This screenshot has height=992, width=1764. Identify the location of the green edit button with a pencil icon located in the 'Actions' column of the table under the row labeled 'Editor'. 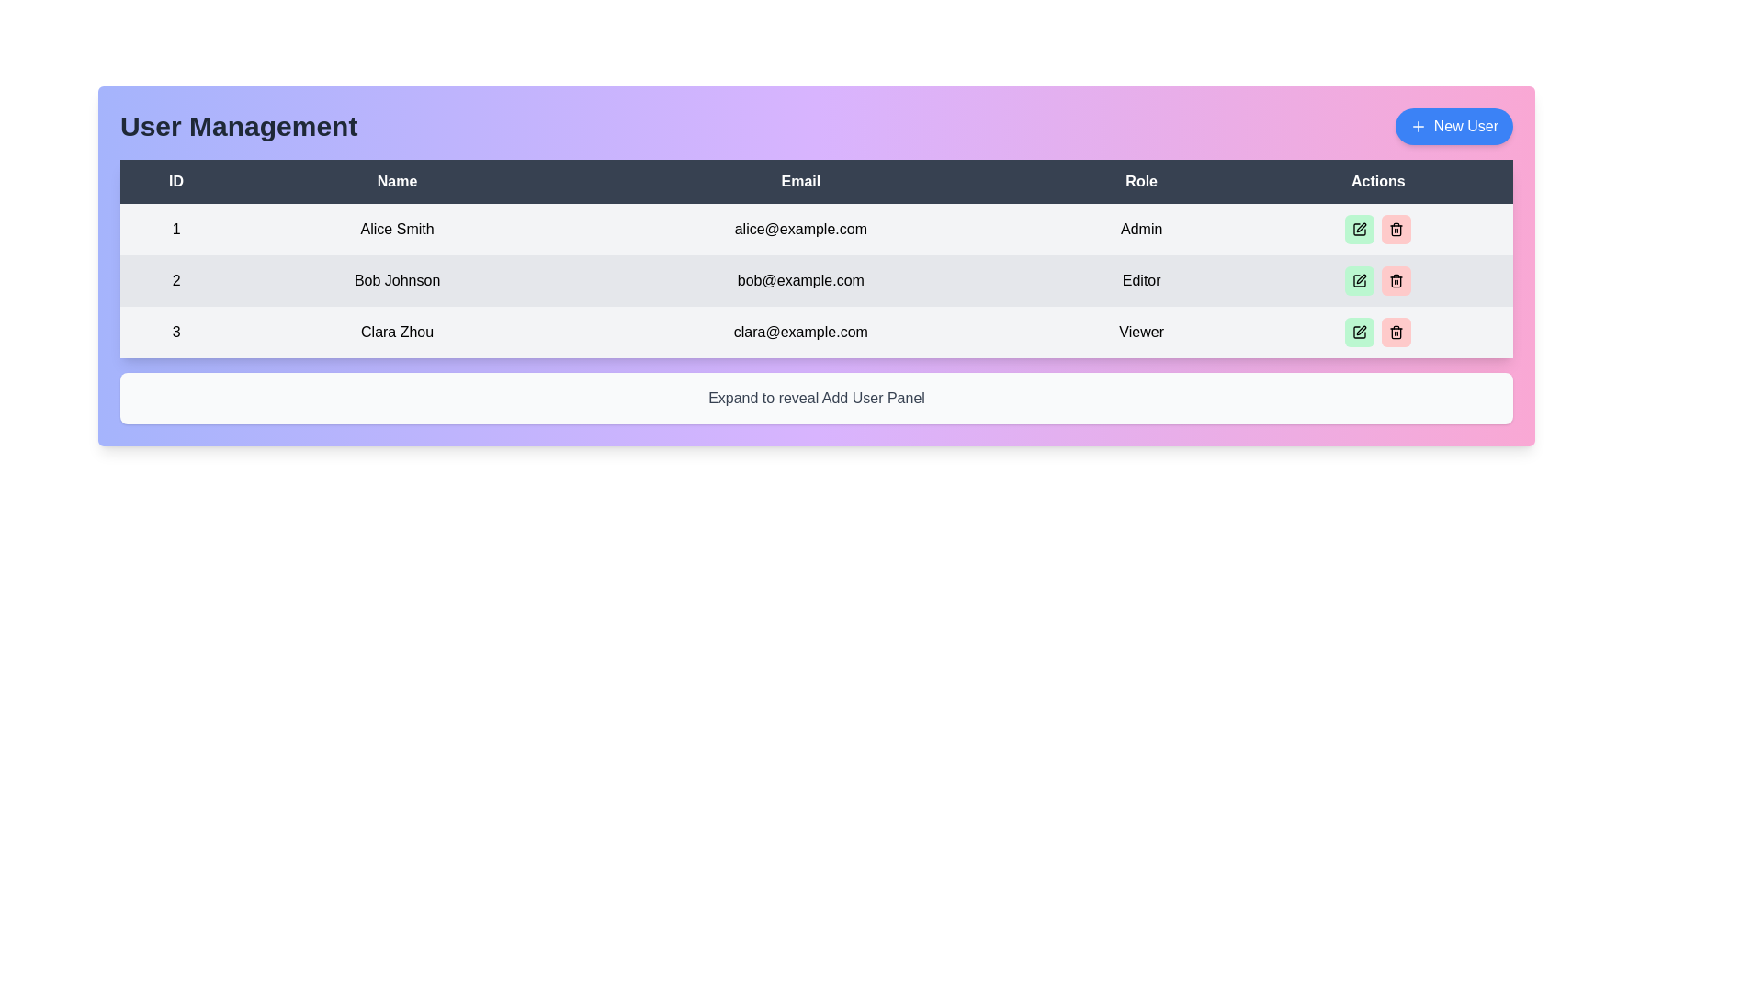
(1360, 280).